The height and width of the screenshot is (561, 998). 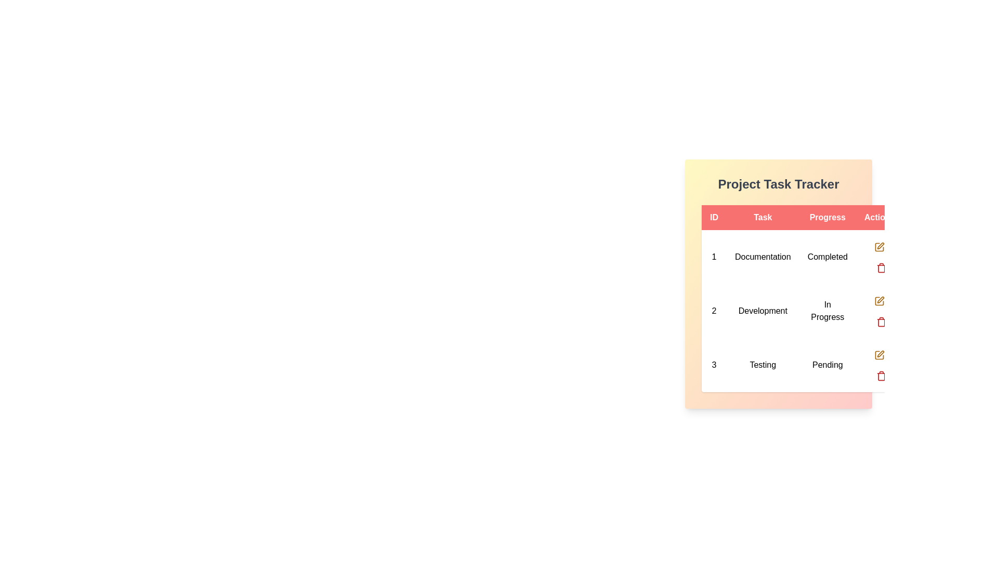 I want to click on the column header Actions to inspect it, so click(x=878, y=217).